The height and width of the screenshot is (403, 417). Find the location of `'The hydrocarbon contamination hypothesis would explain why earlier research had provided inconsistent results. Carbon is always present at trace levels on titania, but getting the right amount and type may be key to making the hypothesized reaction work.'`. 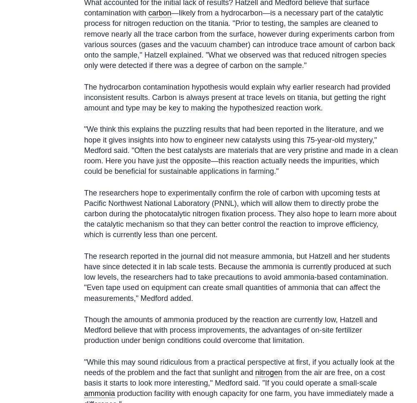

'The hydrocarbon contamination hypothesis would explain why earlier research had provided inconsistent results. Carbon is always present at trace levels on titania, but getting the right amount and type may be key to making the hypothesized reaction work.' is located at coordinates (236, 97).